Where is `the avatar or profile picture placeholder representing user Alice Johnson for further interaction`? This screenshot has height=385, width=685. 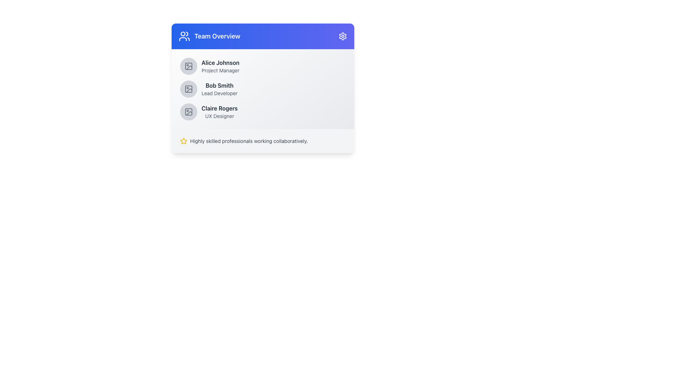
the avatar or profile picture placeholder representing user Alice Johnson for further interaction is located at coordinates (188, 66).